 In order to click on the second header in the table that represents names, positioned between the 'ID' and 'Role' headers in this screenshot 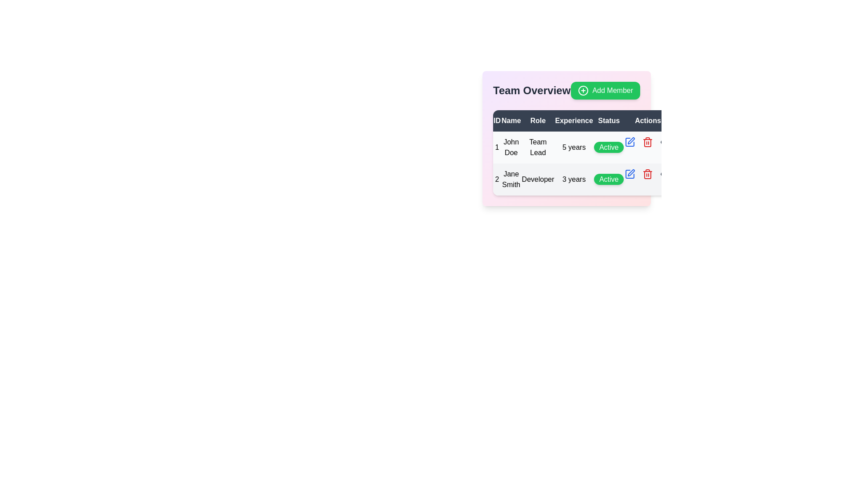, I will do `click(511, 121)`.